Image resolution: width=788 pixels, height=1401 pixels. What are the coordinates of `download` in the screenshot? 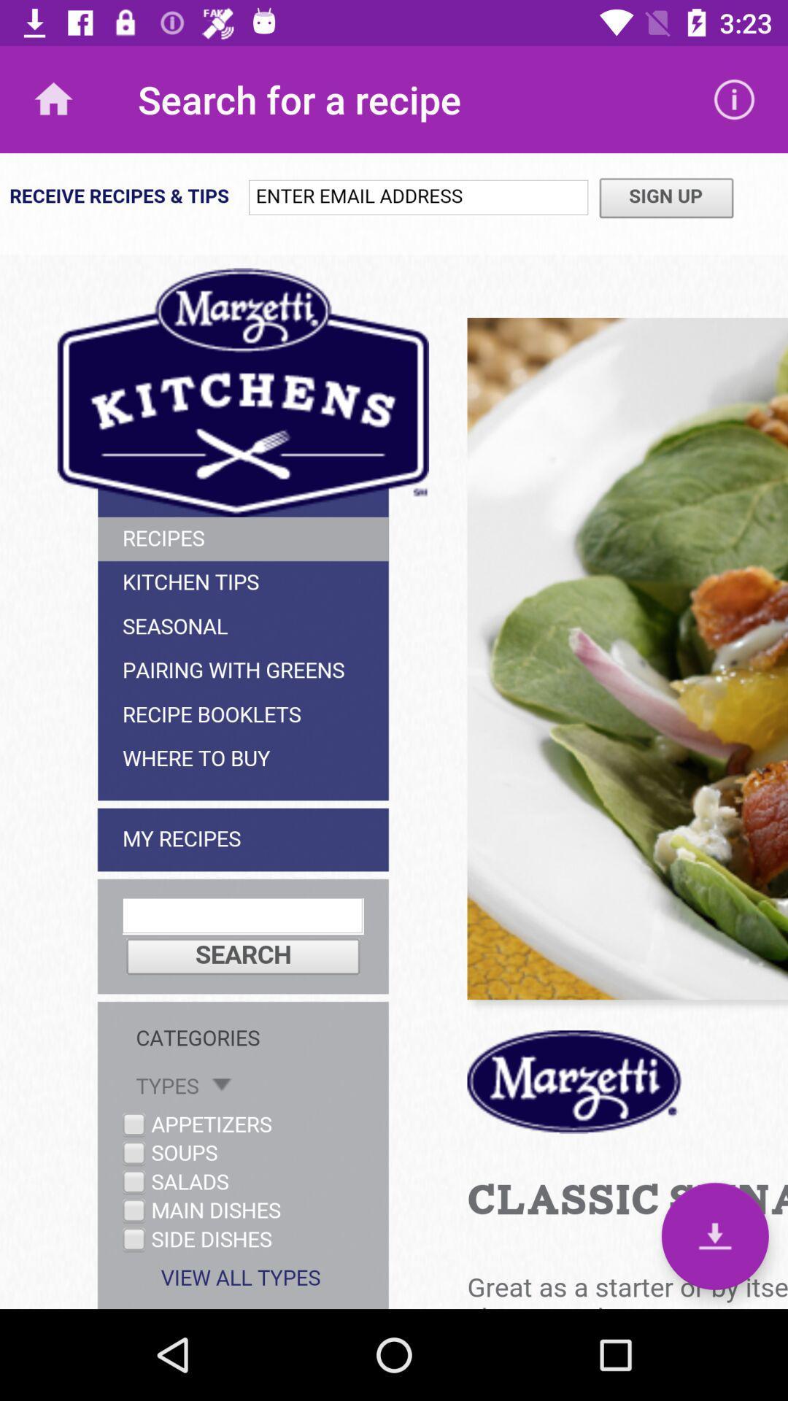 It's located at (714, 1235).